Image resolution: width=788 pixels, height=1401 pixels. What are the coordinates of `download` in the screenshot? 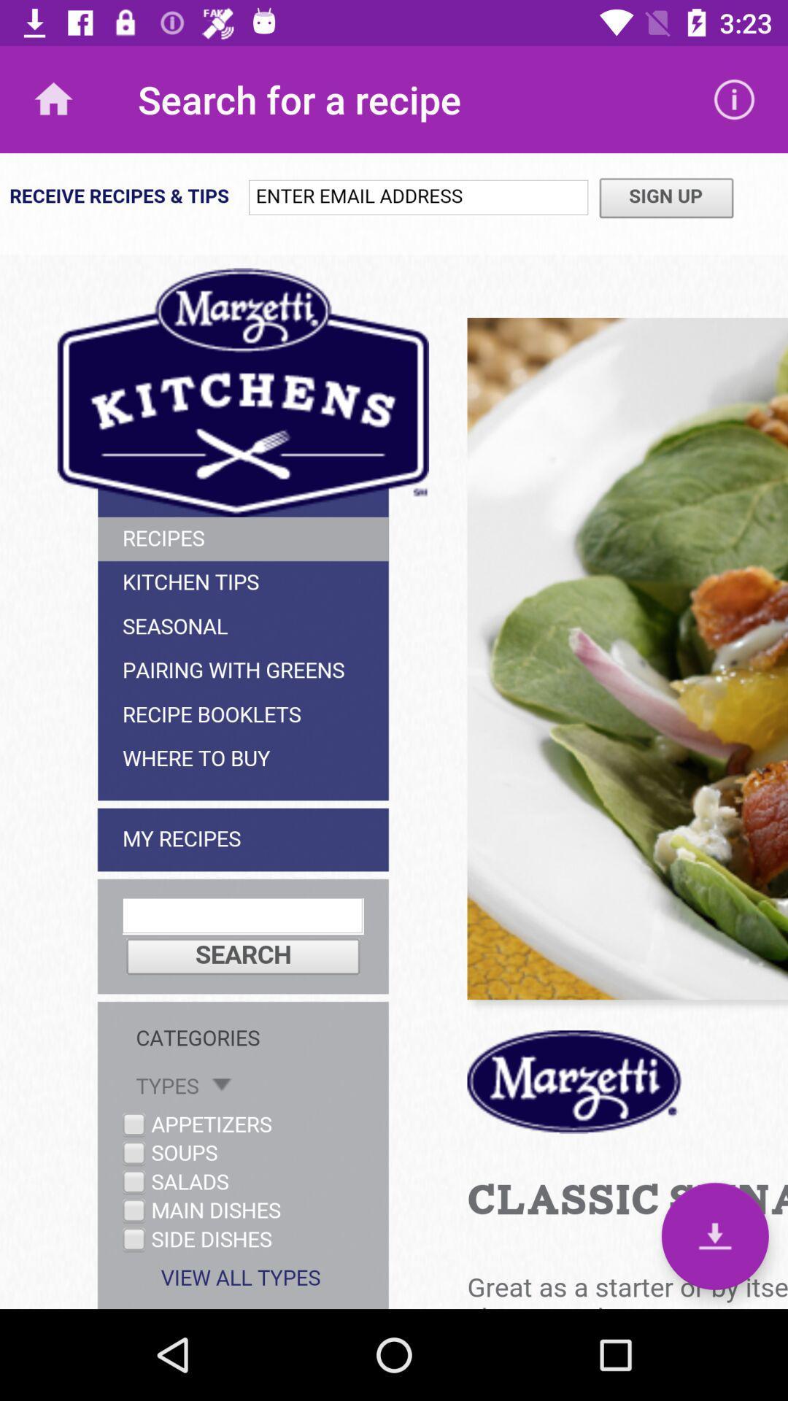 It's located at (714, 1235).